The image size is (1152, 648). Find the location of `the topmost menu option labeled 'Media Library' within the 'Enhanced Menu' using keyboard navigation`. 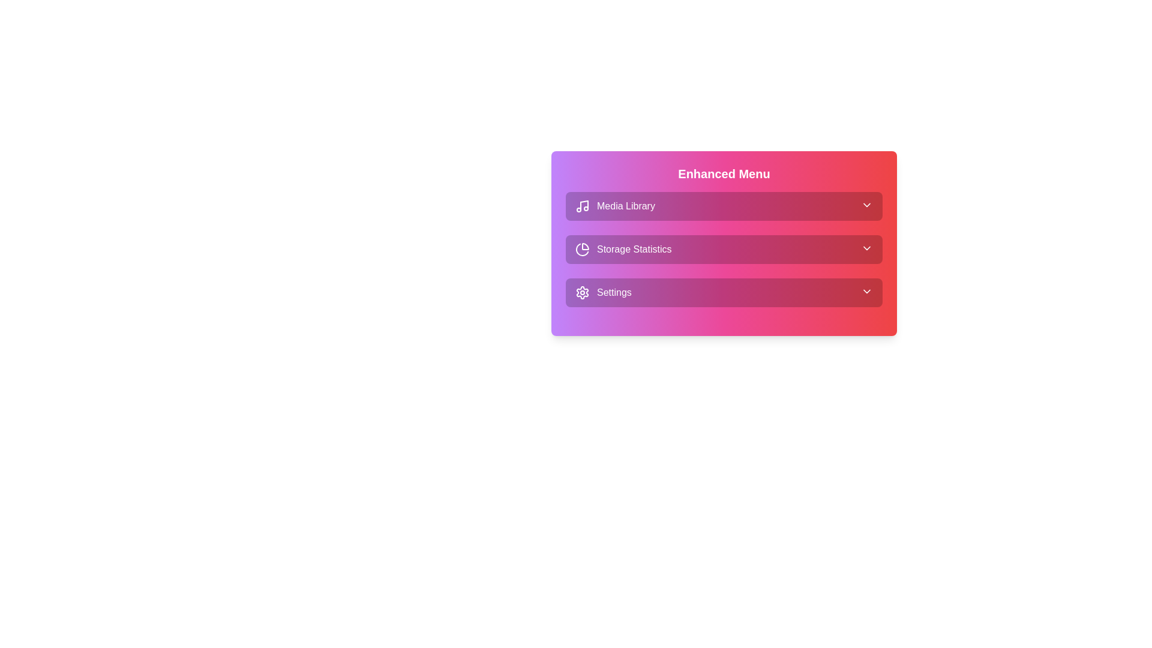

the topmost menu option labeled 'Media Library' within the 'Enhanced Menu' using keyboard navigation is located at coordinates (615, 205).